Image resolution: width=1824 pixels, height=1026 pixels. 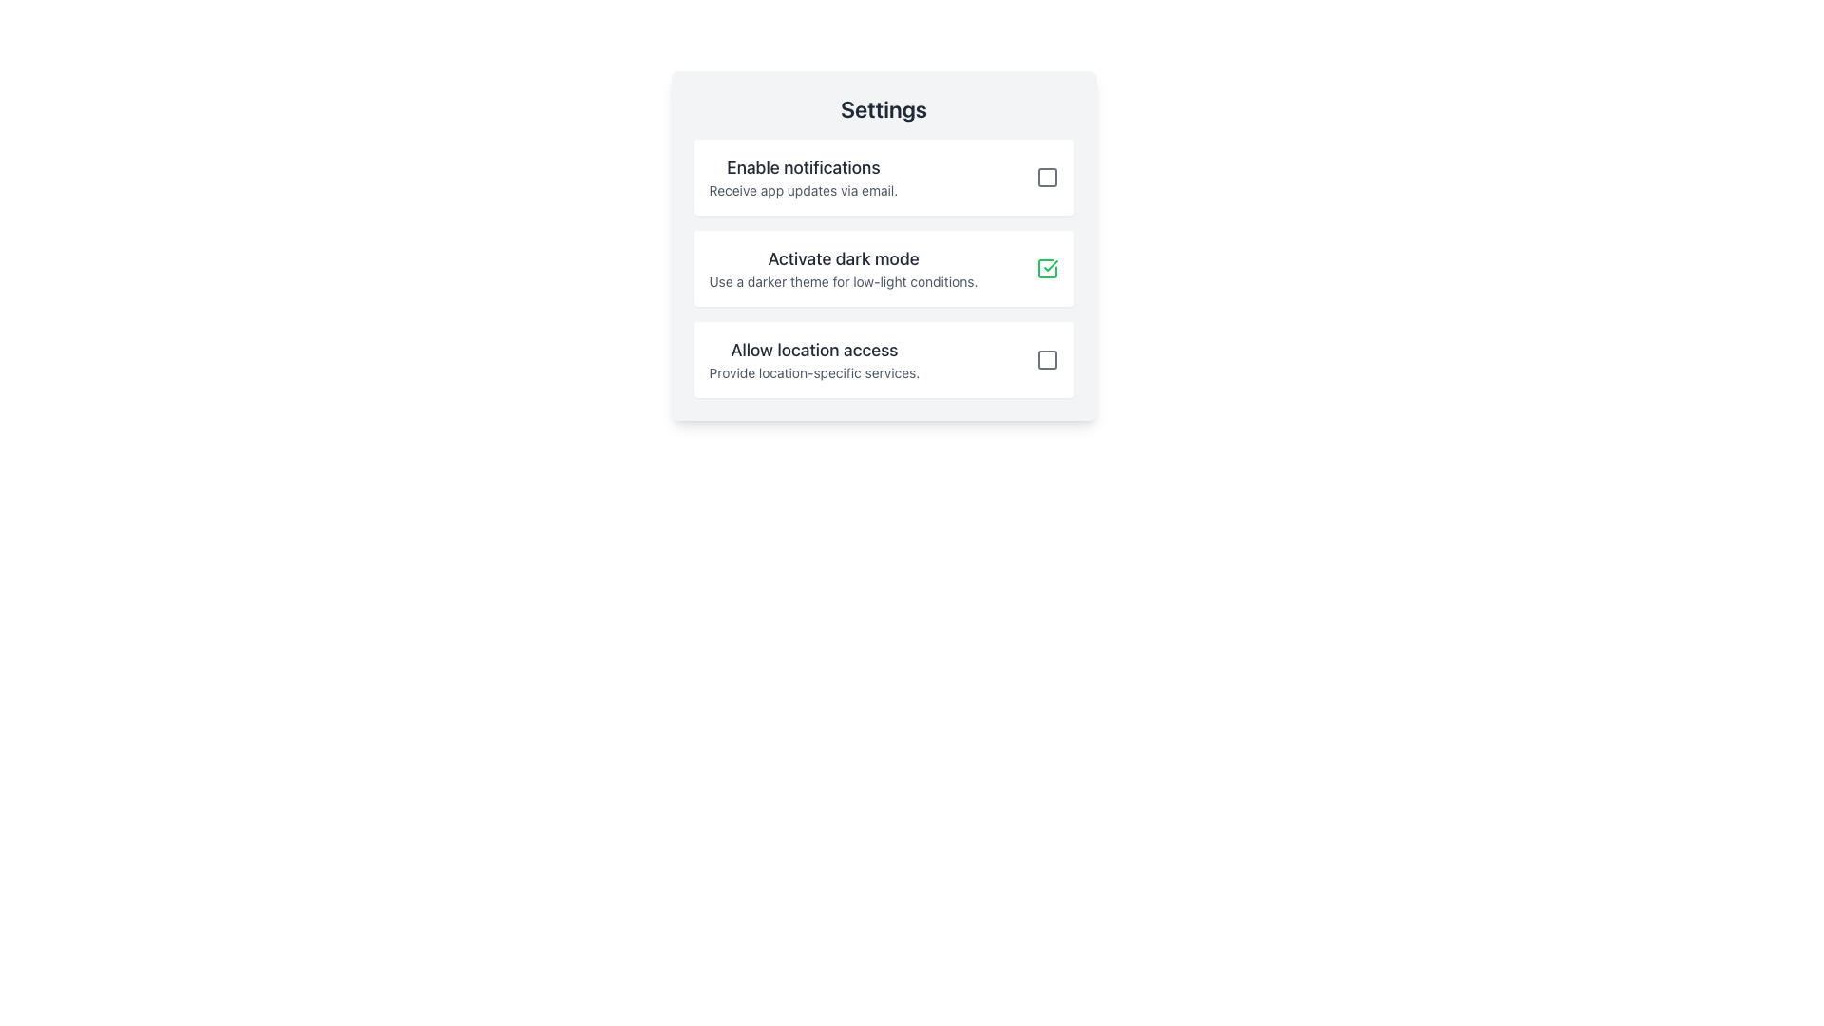 What do you see at coordinates (1046, 359) in the screenshot?
I see `keyboard navigation` at bounding box center [1046, 359].